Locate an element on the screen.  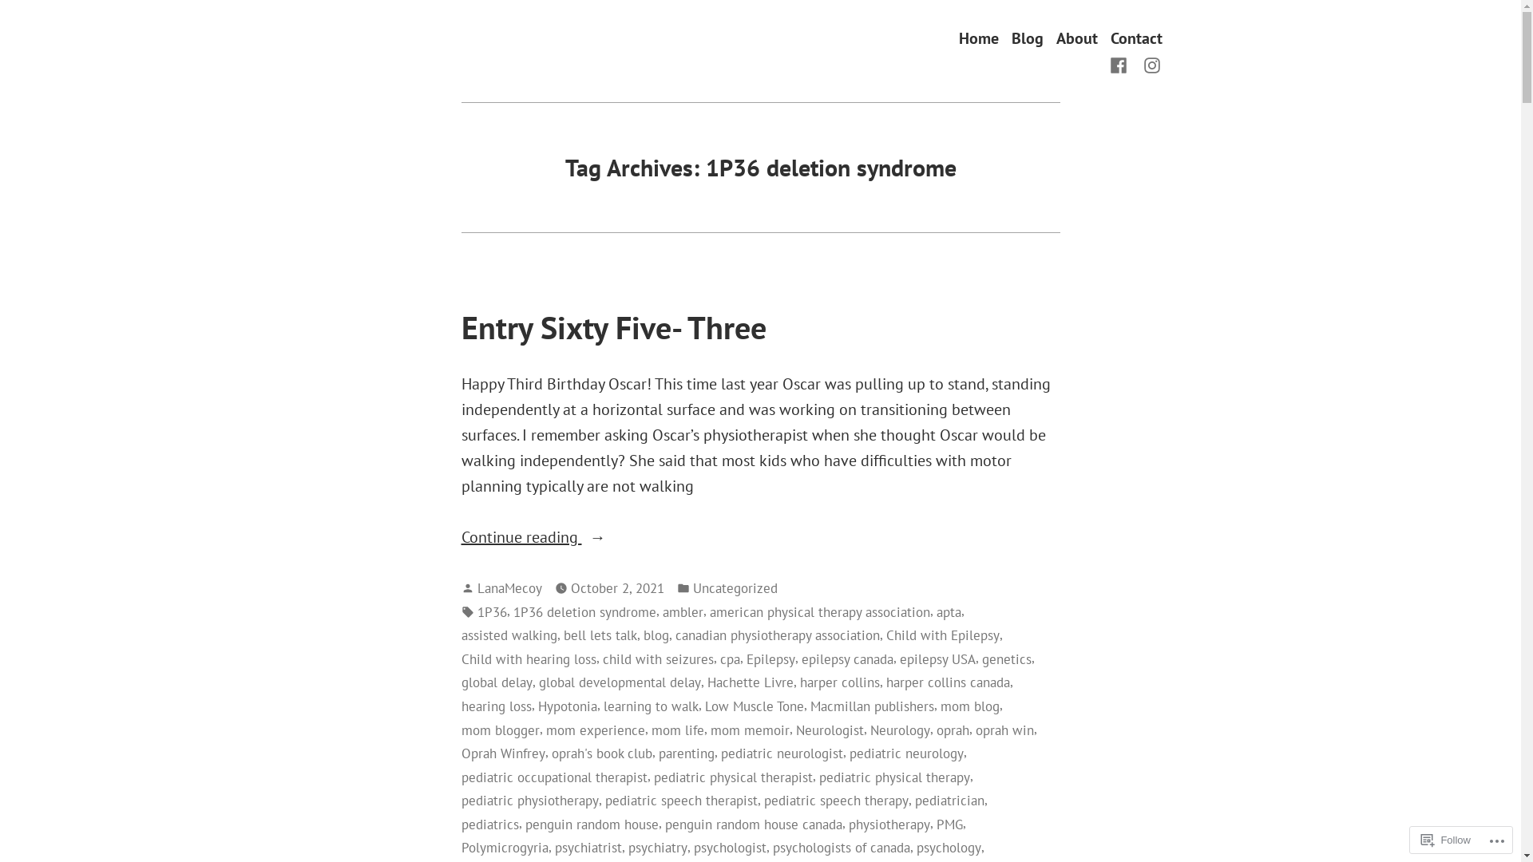
'apta' is located at coordinates (948, 611).